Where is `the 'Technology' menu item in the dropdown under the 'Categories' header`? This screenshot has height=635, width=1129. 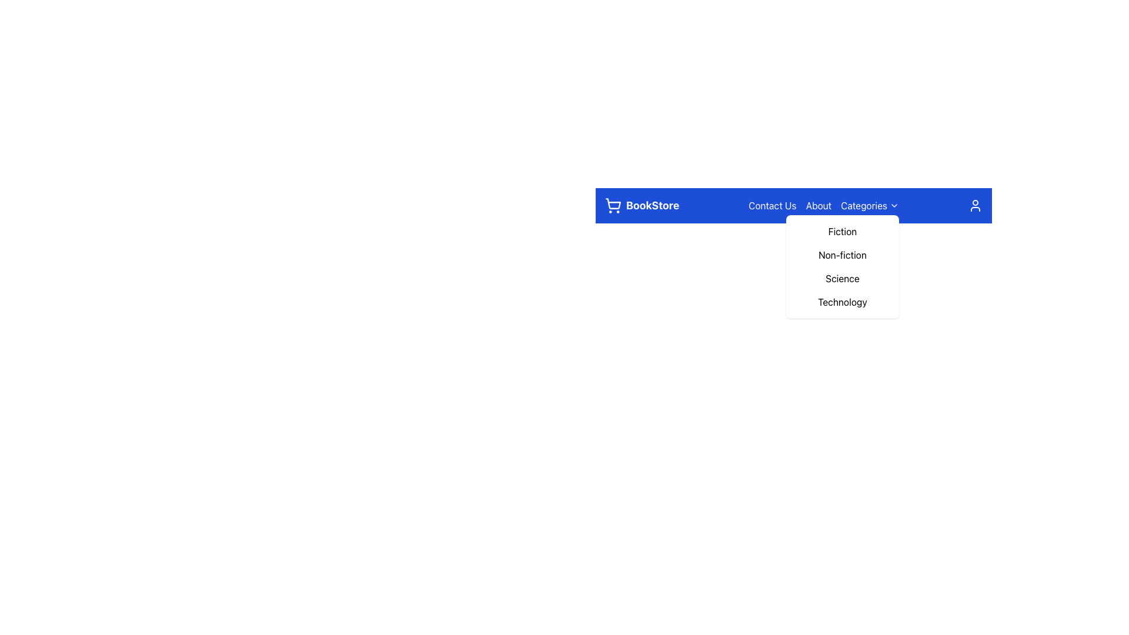 the 'Technology' menu item in the dropdown under the 'Categories' header is located at coordinates (841, 301).